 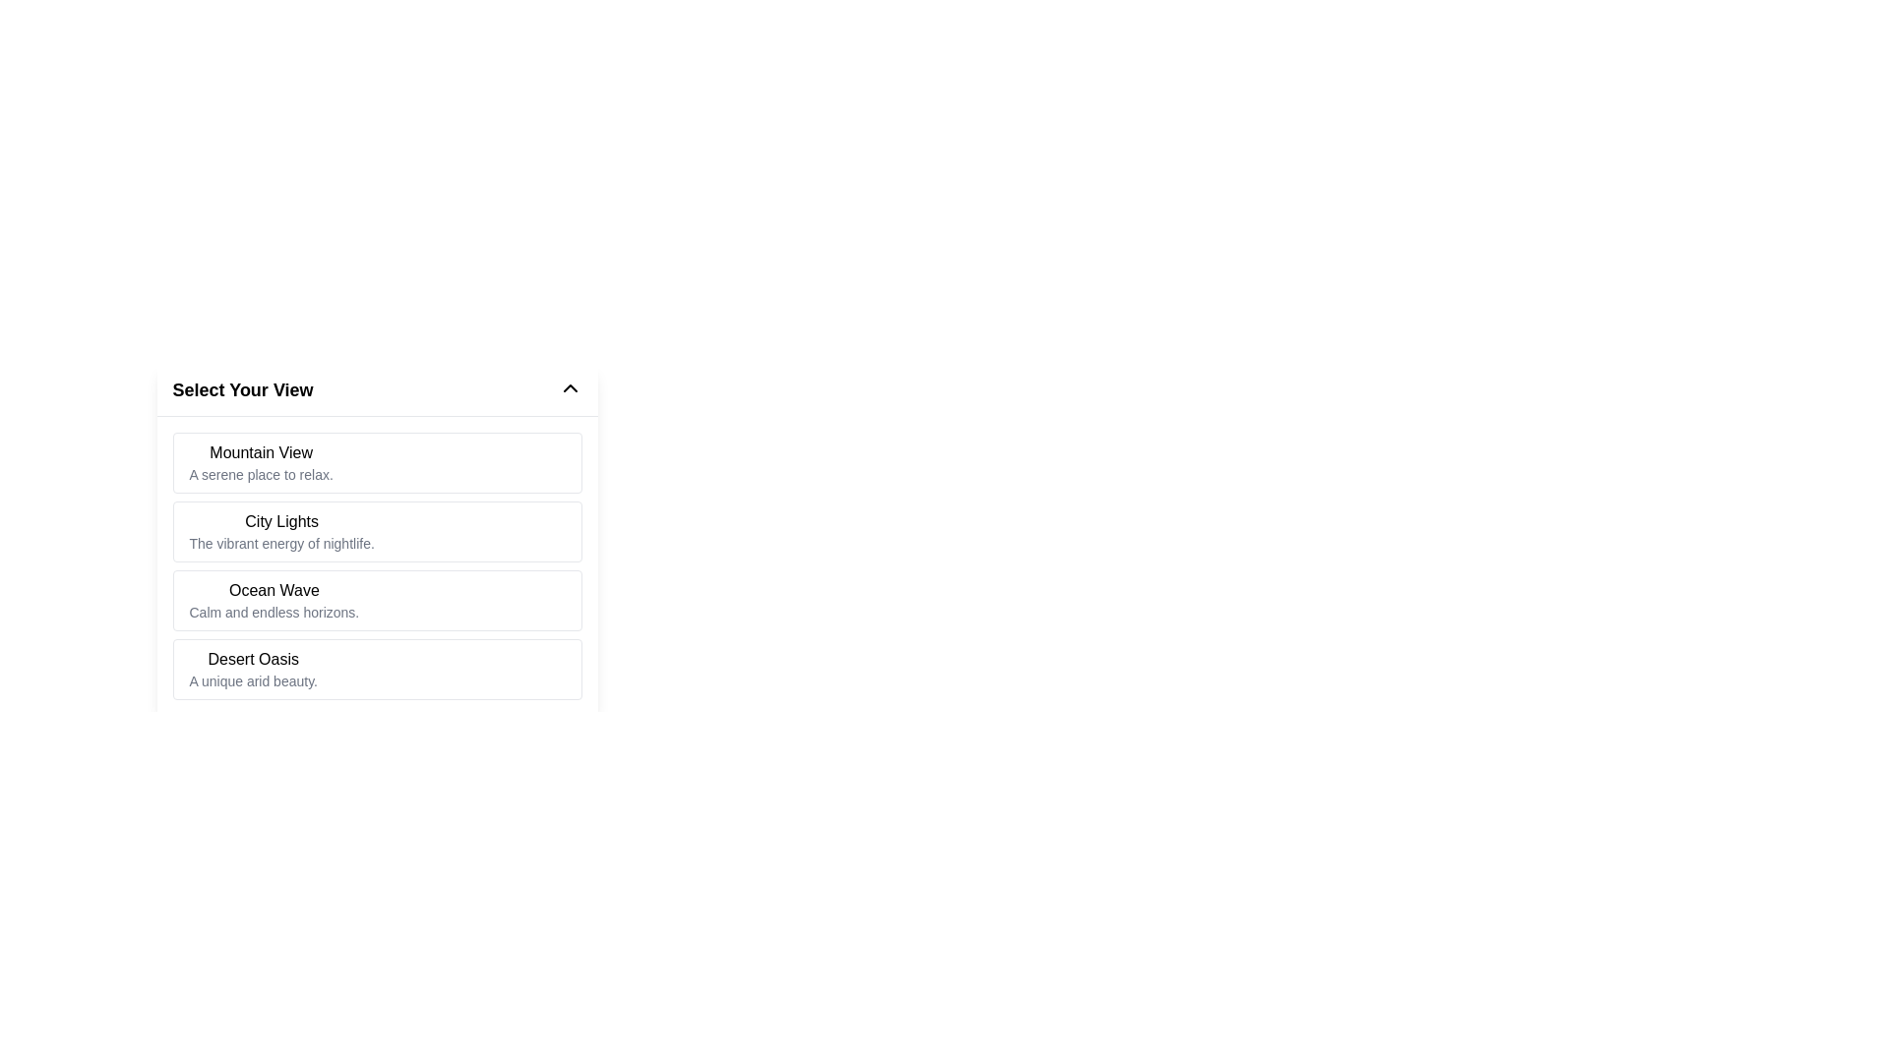 What do you see at coordinates (377, 505) in the screenshot?
I see `the 'City Lights' selectable card in the list under 'Select Your View'` at bounding box center [377, 505].